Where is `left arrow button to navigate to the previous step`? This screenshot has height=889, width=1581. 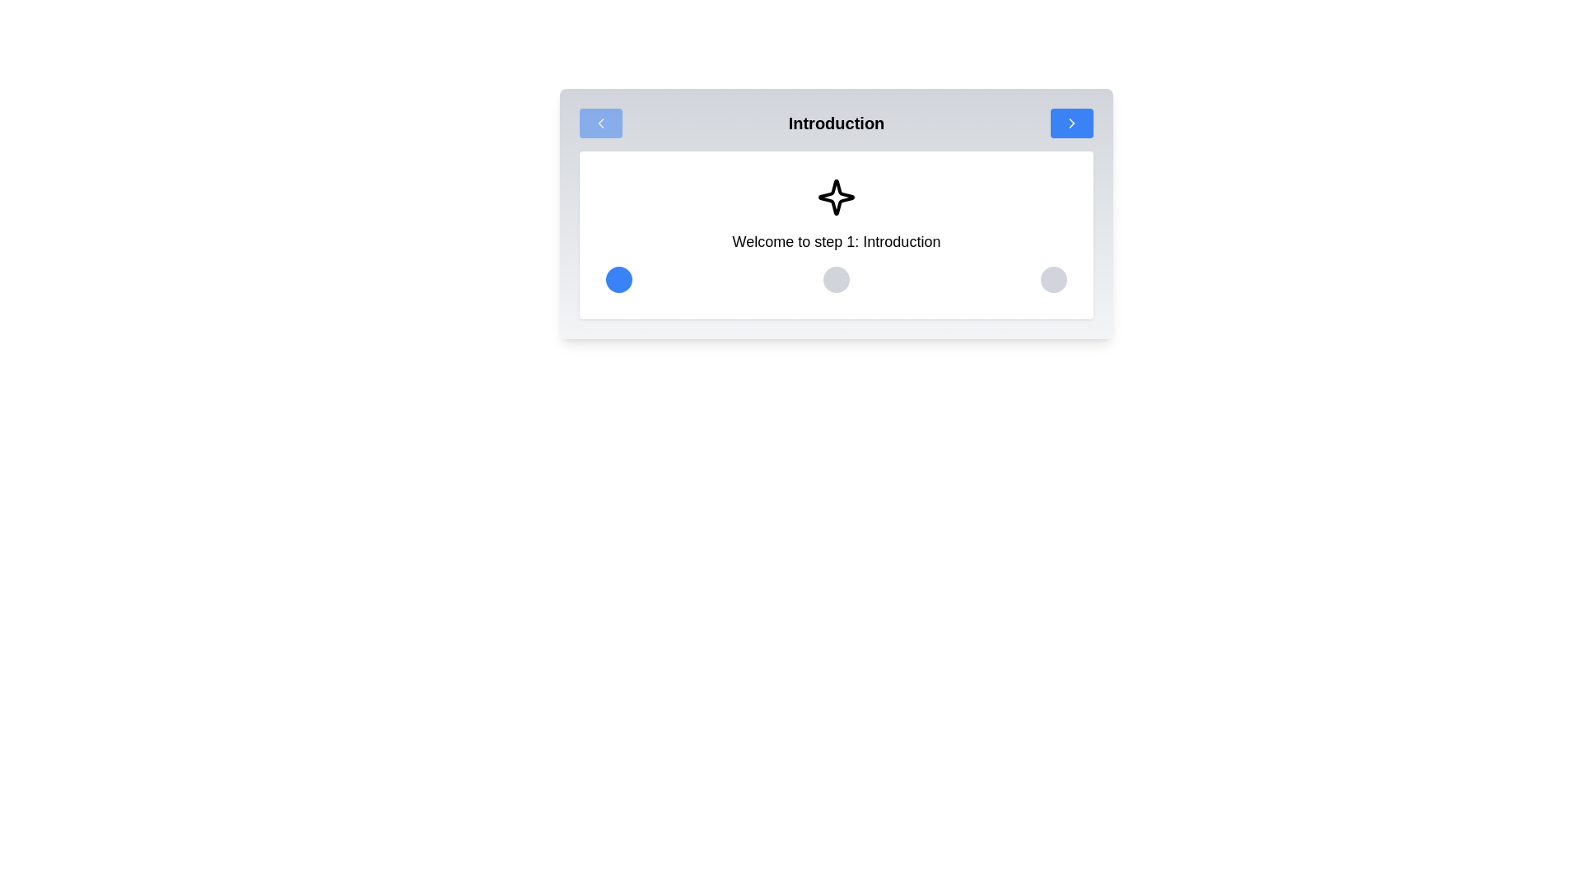 left arrow button to navigate to the previous step is located at coordinates (599, 123).